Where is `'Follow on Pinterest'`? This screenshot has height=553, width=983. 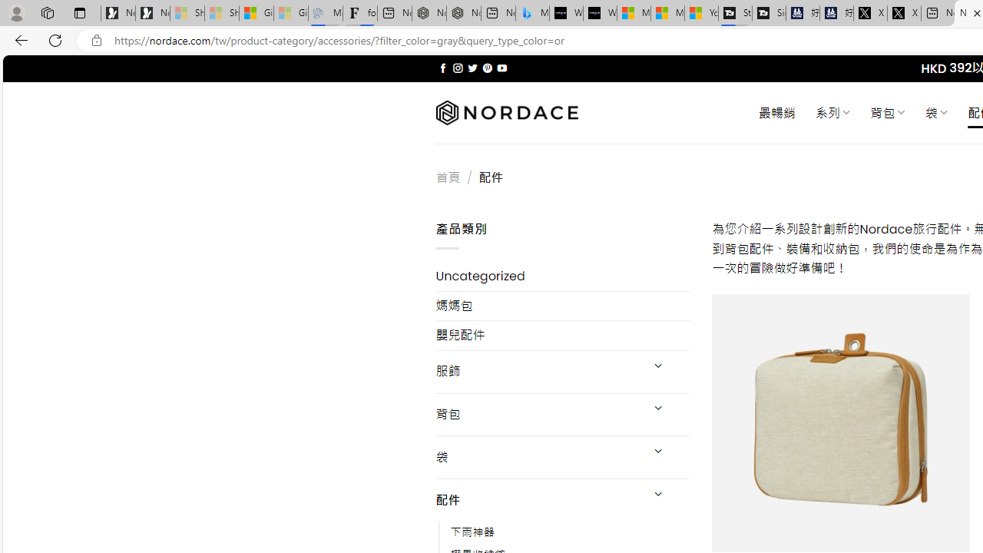 'Follow on Pinterest' is located at coordinates (486, 68).